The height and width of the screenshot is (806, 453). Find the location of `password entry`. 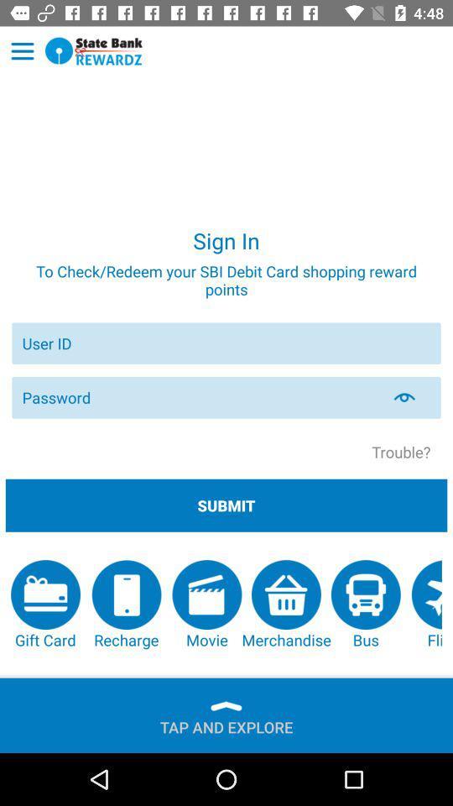

password entry is located at coordinates (200, 397).